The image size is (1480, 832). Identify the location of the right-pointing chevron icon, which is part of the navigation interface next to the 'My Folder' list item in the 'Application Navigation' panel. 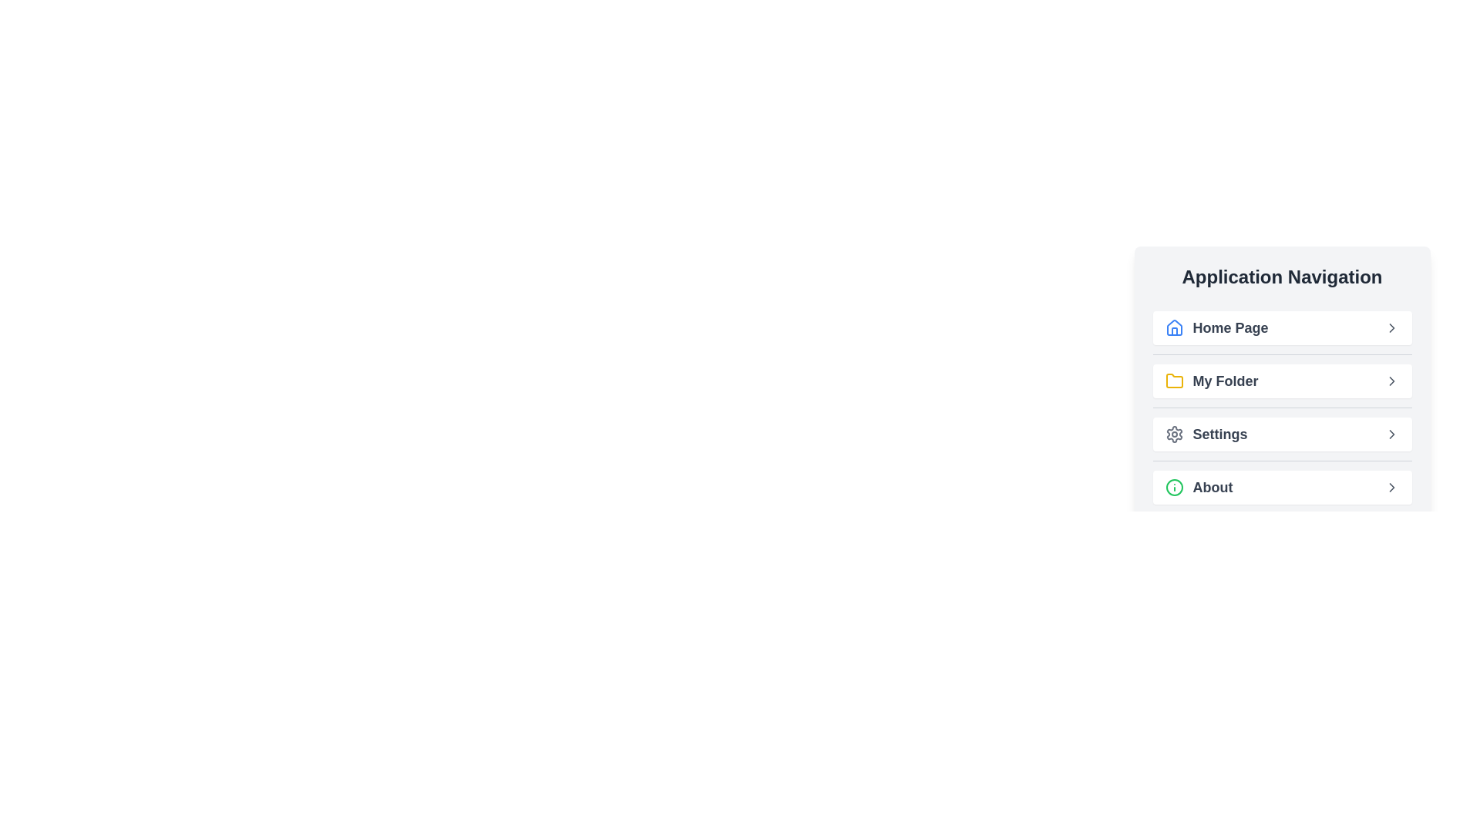
(1391, 381).